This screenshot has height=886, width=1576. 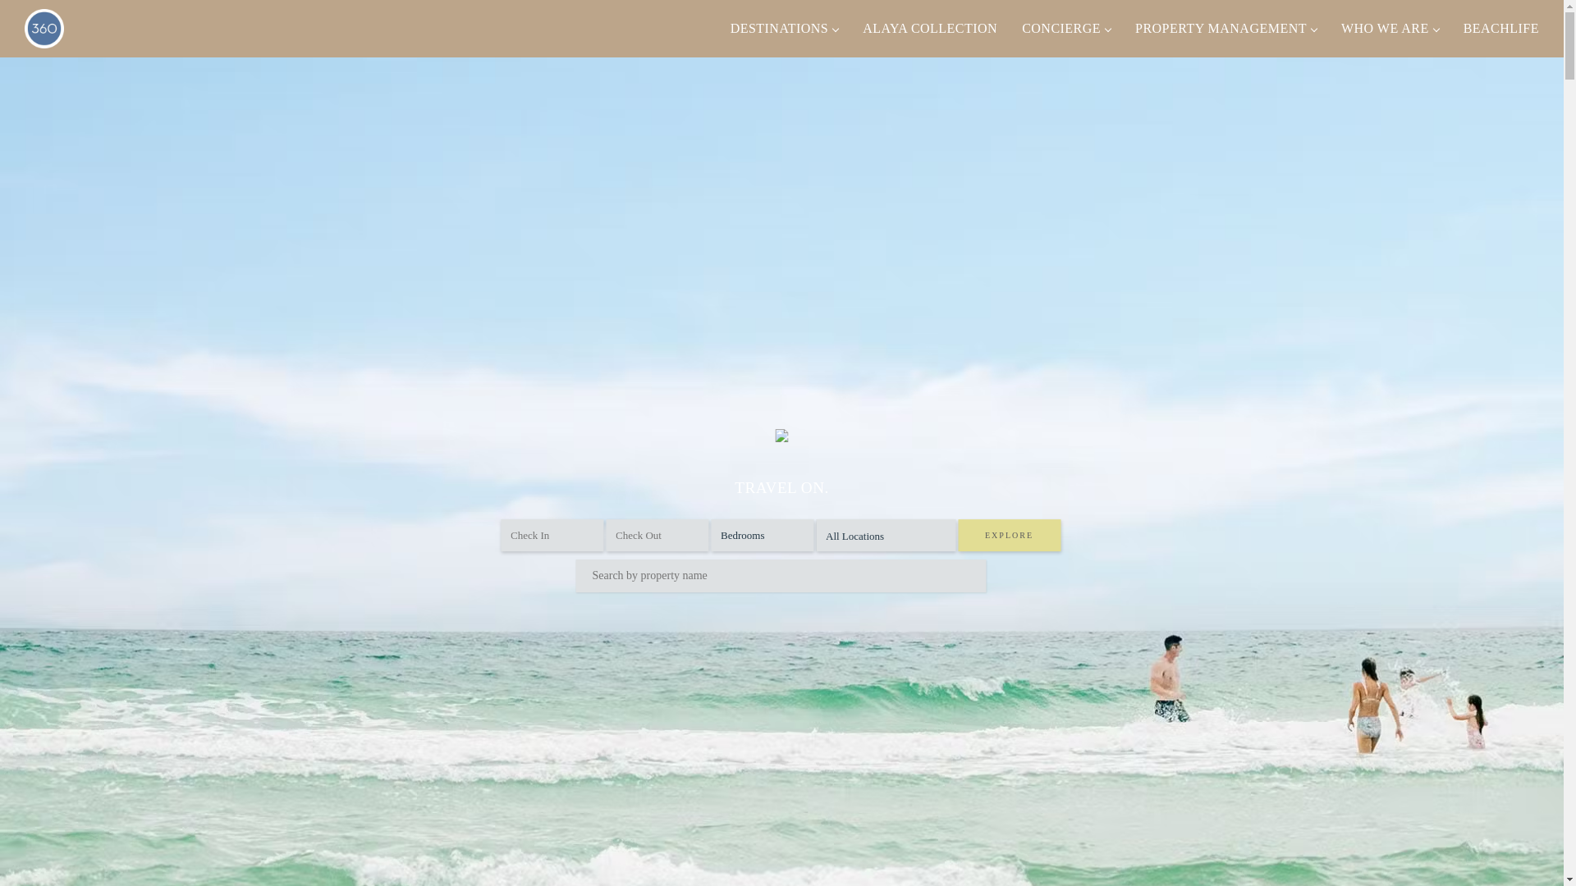 I want to click on 'PROPERTY MANAGEMENT', so click(x=1122, y=28).